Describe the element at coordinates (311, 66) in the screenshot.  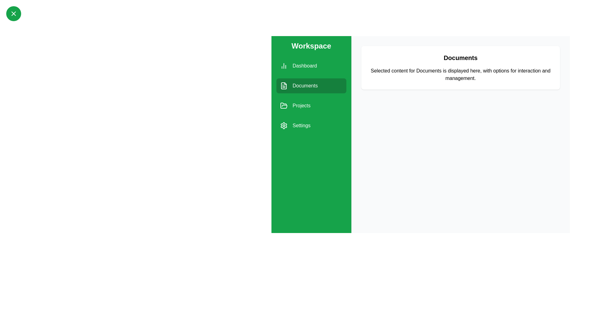
I see `the Dashboard section from the sidebar` at that location.